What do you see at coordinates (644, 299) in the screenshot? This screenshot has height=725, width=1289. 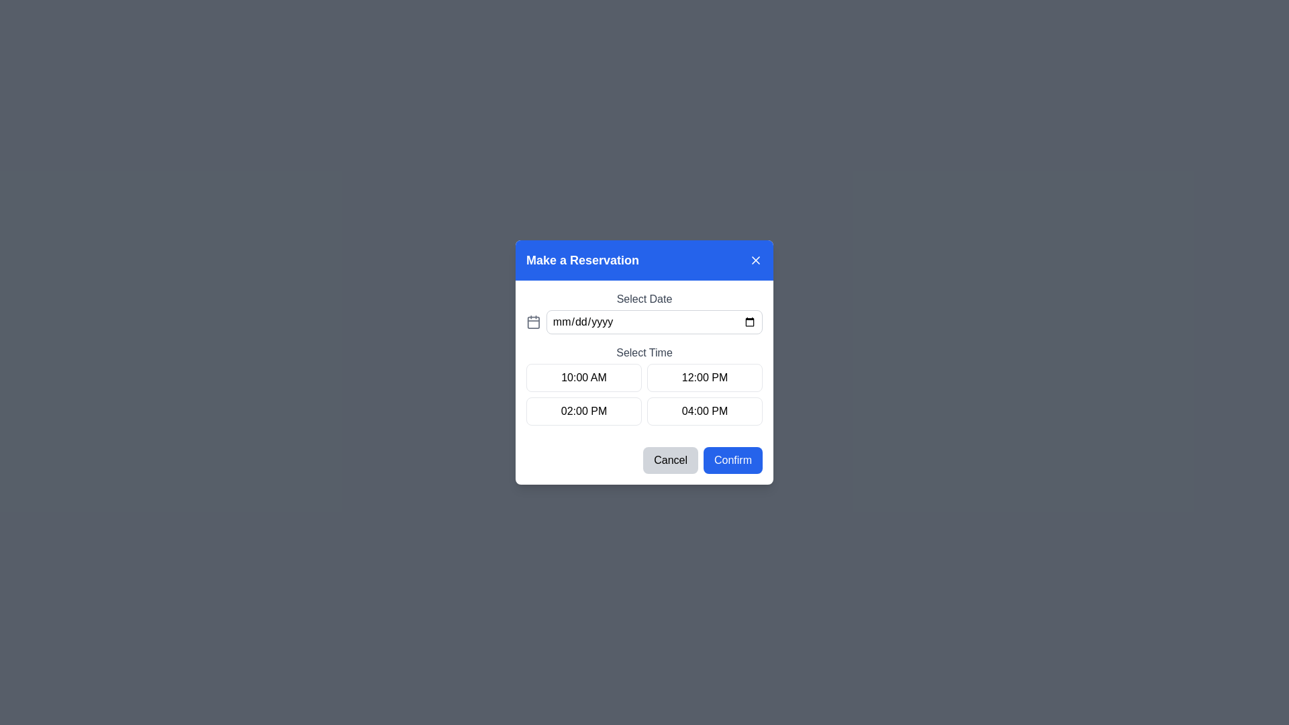 I see `the 'Select Date' text label, which is a medium-sized gray text element positioned inside the 'Make a Reservation' modal dialog, located at the top center above the date input field` at bounding box center [644, 299].